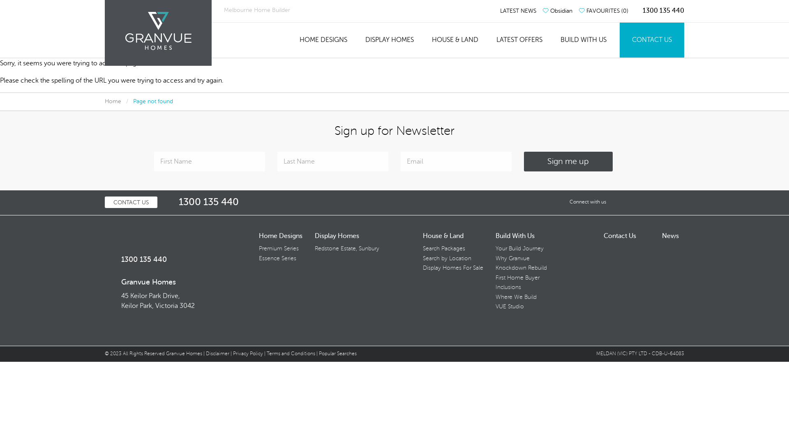 The image size is (789, 444). Describe the element at coordinates (578, 11) in the screenshot. I see `'FAVOURITES (0)'` at that location.